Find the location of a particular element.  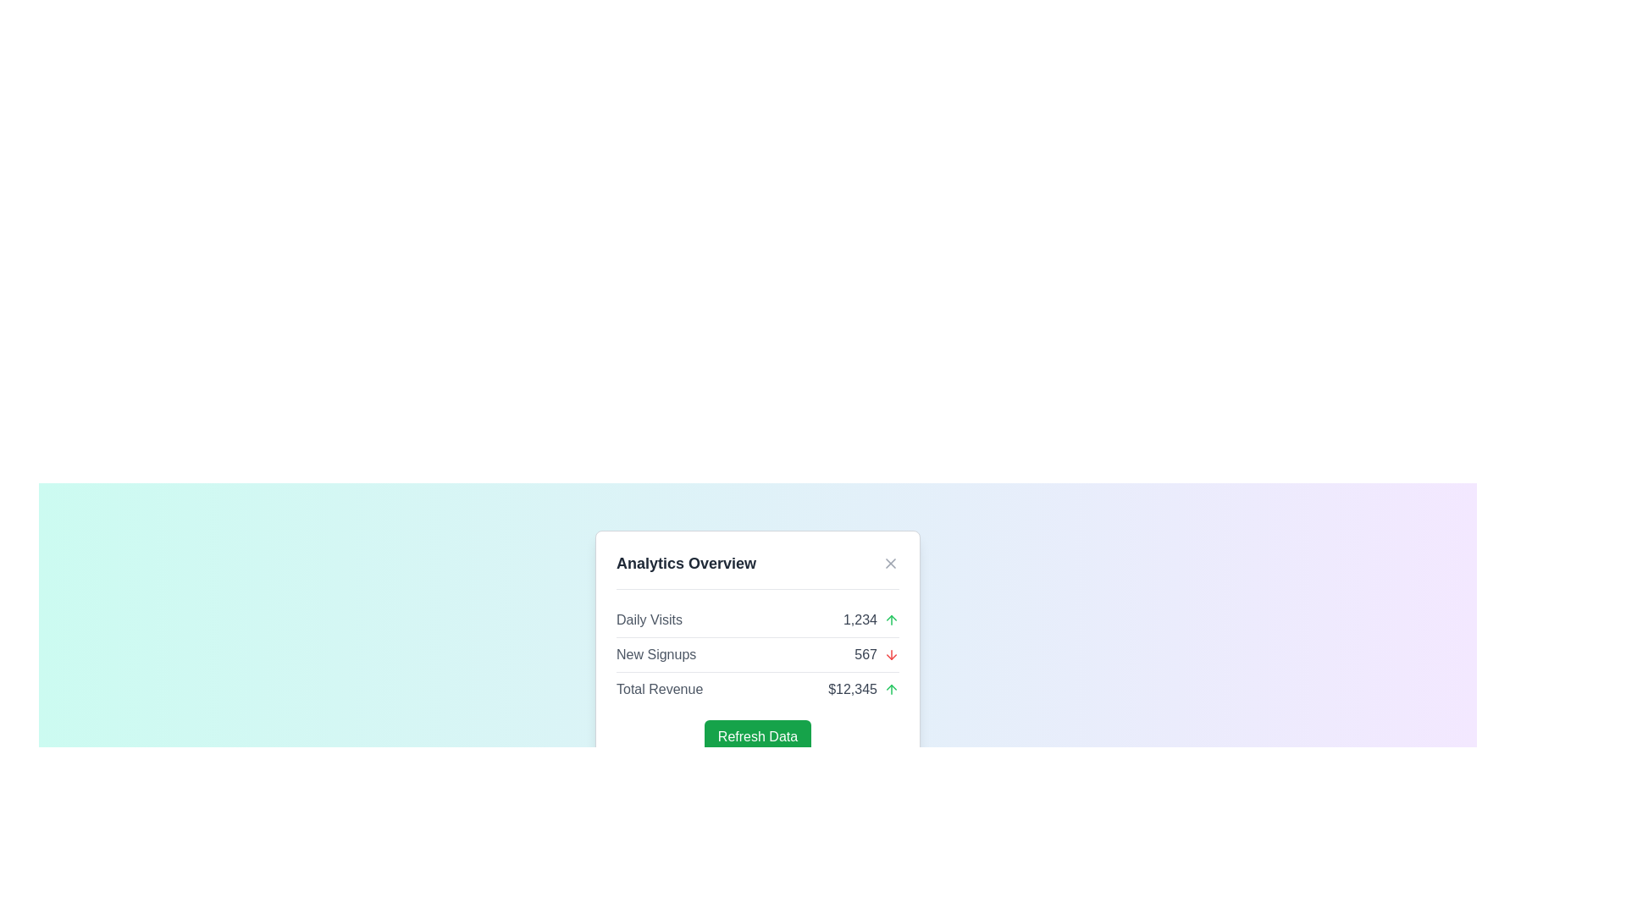

the upward-pointing green arrow icon located to the right of the text '$12,345' in the bottom-most row of the 'Analytics Overview' display box for additional details or actions is located at coordinates (890, 689).